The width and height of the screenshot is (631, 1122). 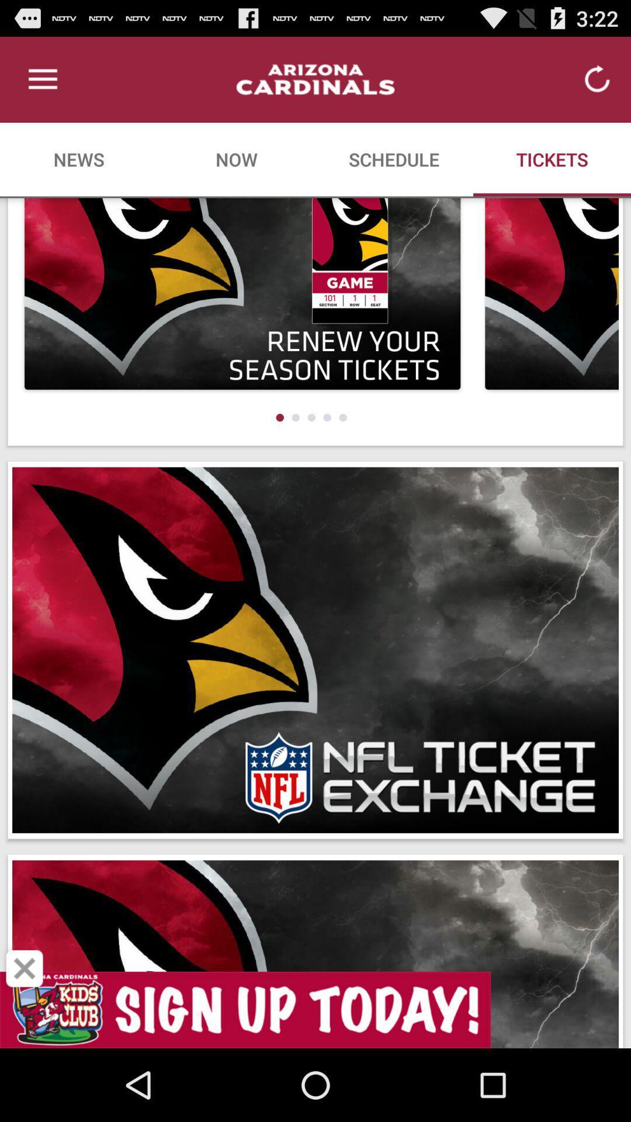 I want to click on the icon at the bottom left corner, so click(x=25, y=968).